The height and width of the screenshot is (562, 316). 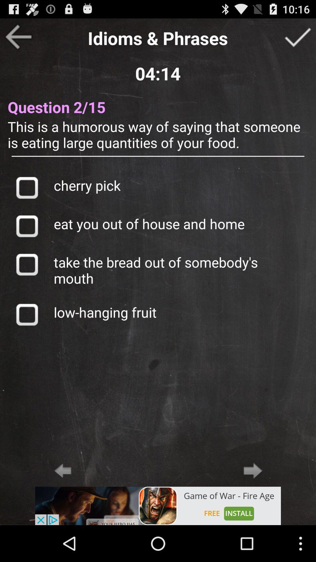 What do you see at coordinates (27, 264) in the screenshot?
I see `button` at bounding box center [27, 264].